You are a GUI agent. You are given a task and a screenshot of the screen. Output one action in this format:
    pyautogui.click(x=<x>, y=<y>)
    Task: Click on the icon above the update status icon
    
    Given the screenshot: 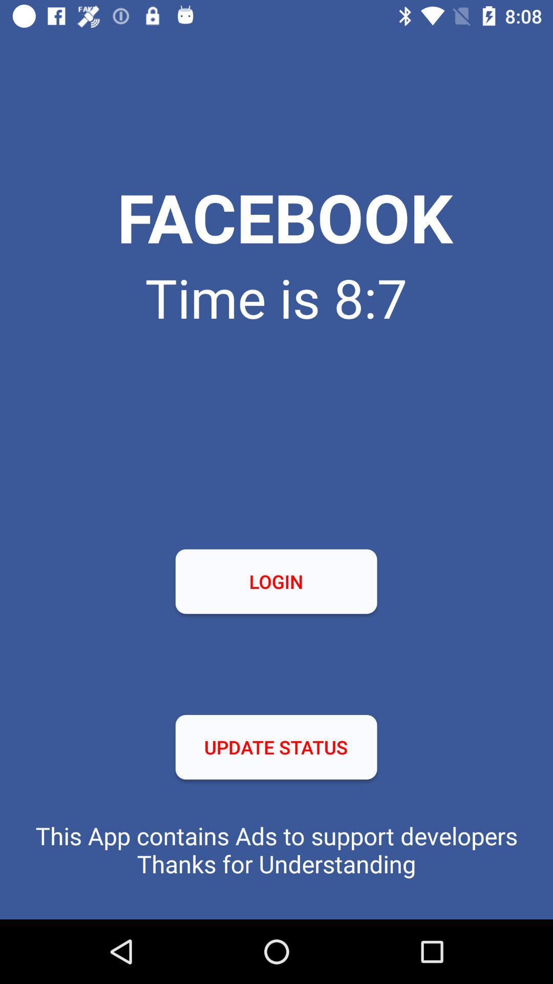 What is the action you would take?
    pyautogui.click(x=275, y=581)
    